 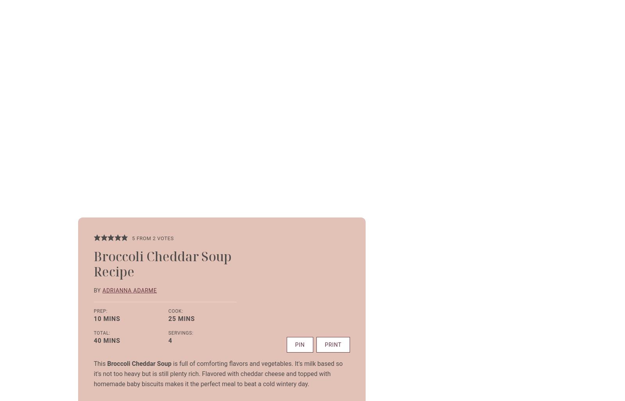 What do you see at coordinates (180, 332) in the screenshot?
I see `'Servings:'` at bounding box center [180, 332].